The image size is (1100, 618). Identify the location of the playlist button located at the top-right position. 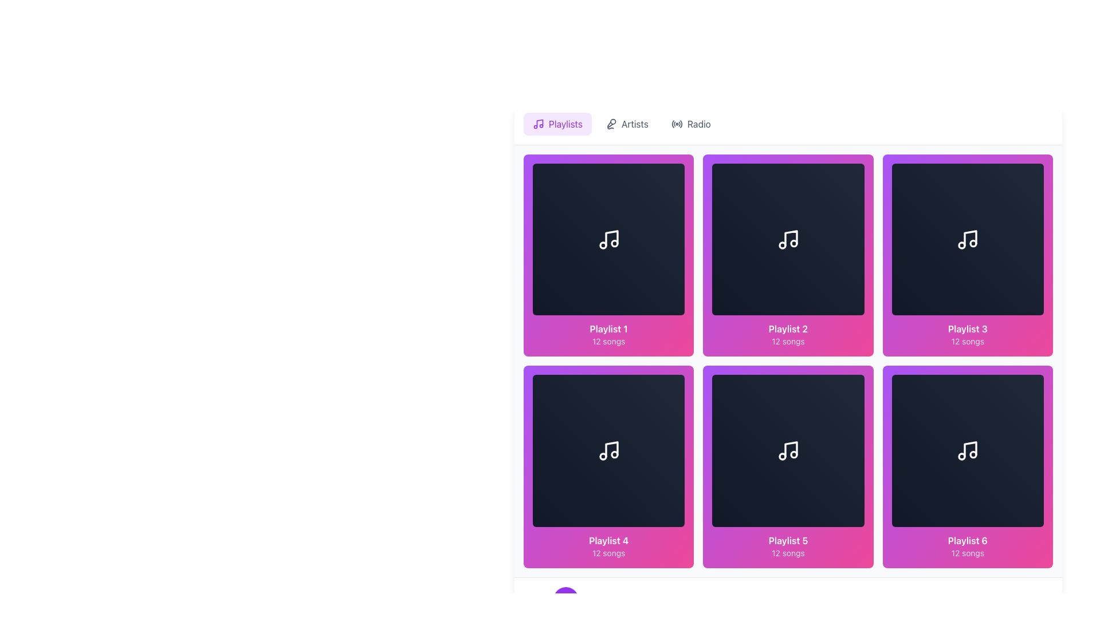
(967, 255).